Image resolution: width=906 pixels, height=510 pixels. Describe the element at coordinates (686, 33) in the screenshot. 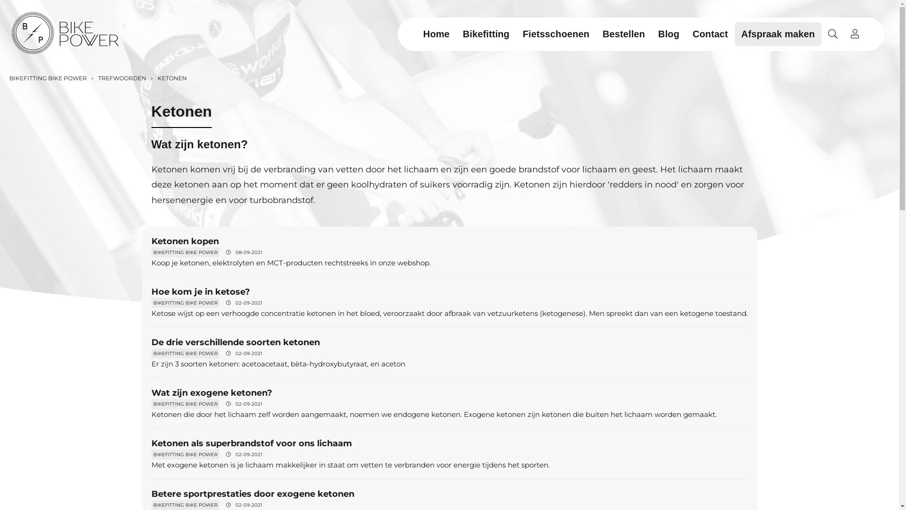

I see `'Contact'` at that location.